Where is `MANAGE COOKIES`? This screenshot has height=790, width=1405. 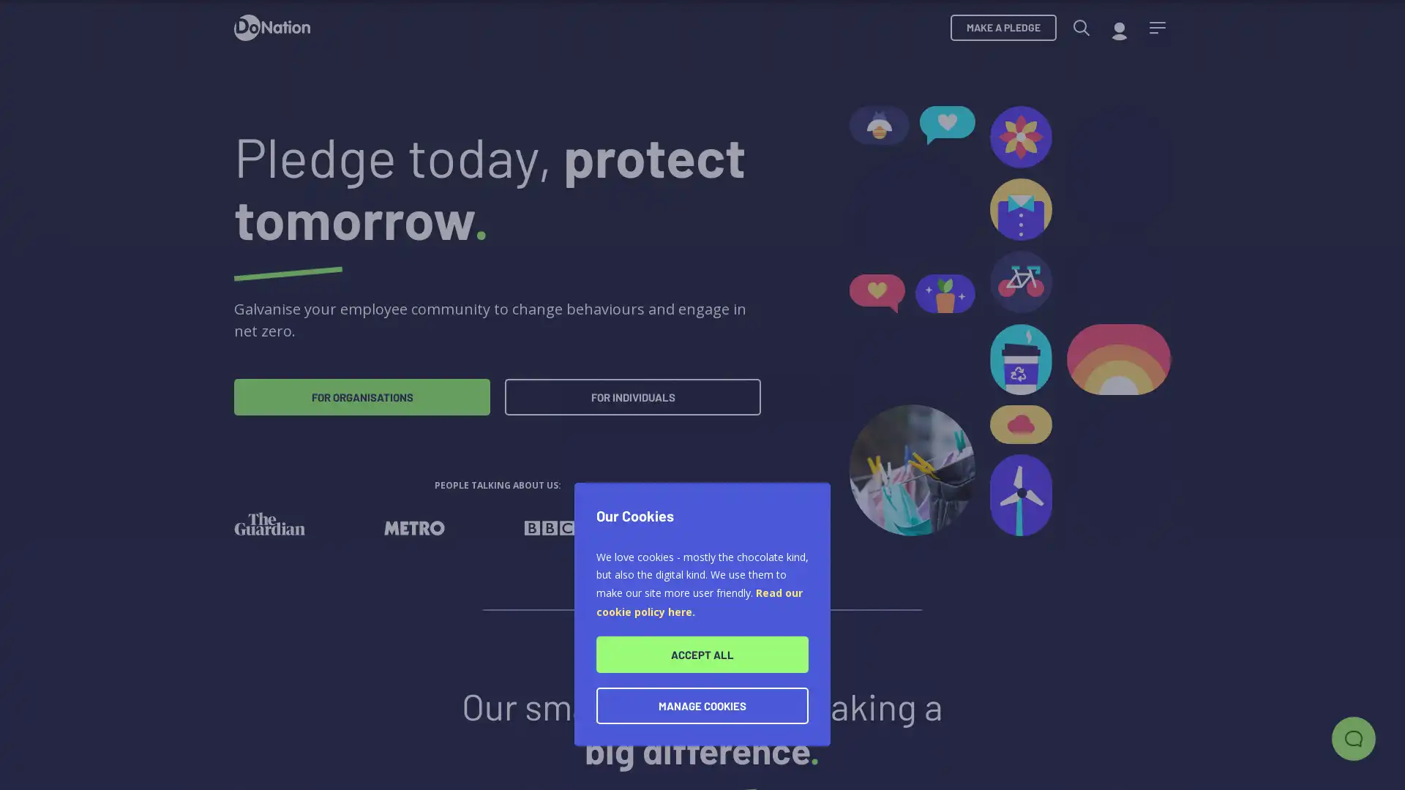 MANAGE COOKIES is located at coordinates (702, 704).